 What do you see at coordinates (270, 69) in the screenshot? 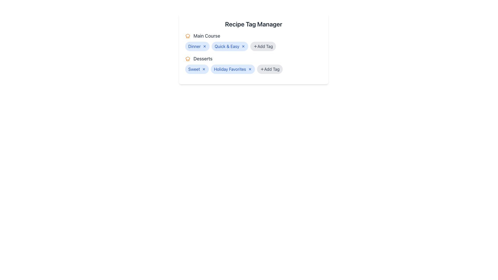
I see `the pill-shaped button with a gray background labeled 'Add Tag' located in the 'Desserts' section` at bounding box center [270, 69].